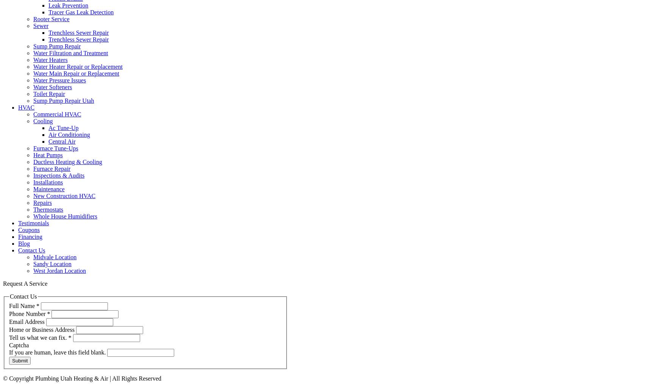  Describe the element at coordinates (59, 271) in the screenshot. I see `'West Jordan Location'` at that location.